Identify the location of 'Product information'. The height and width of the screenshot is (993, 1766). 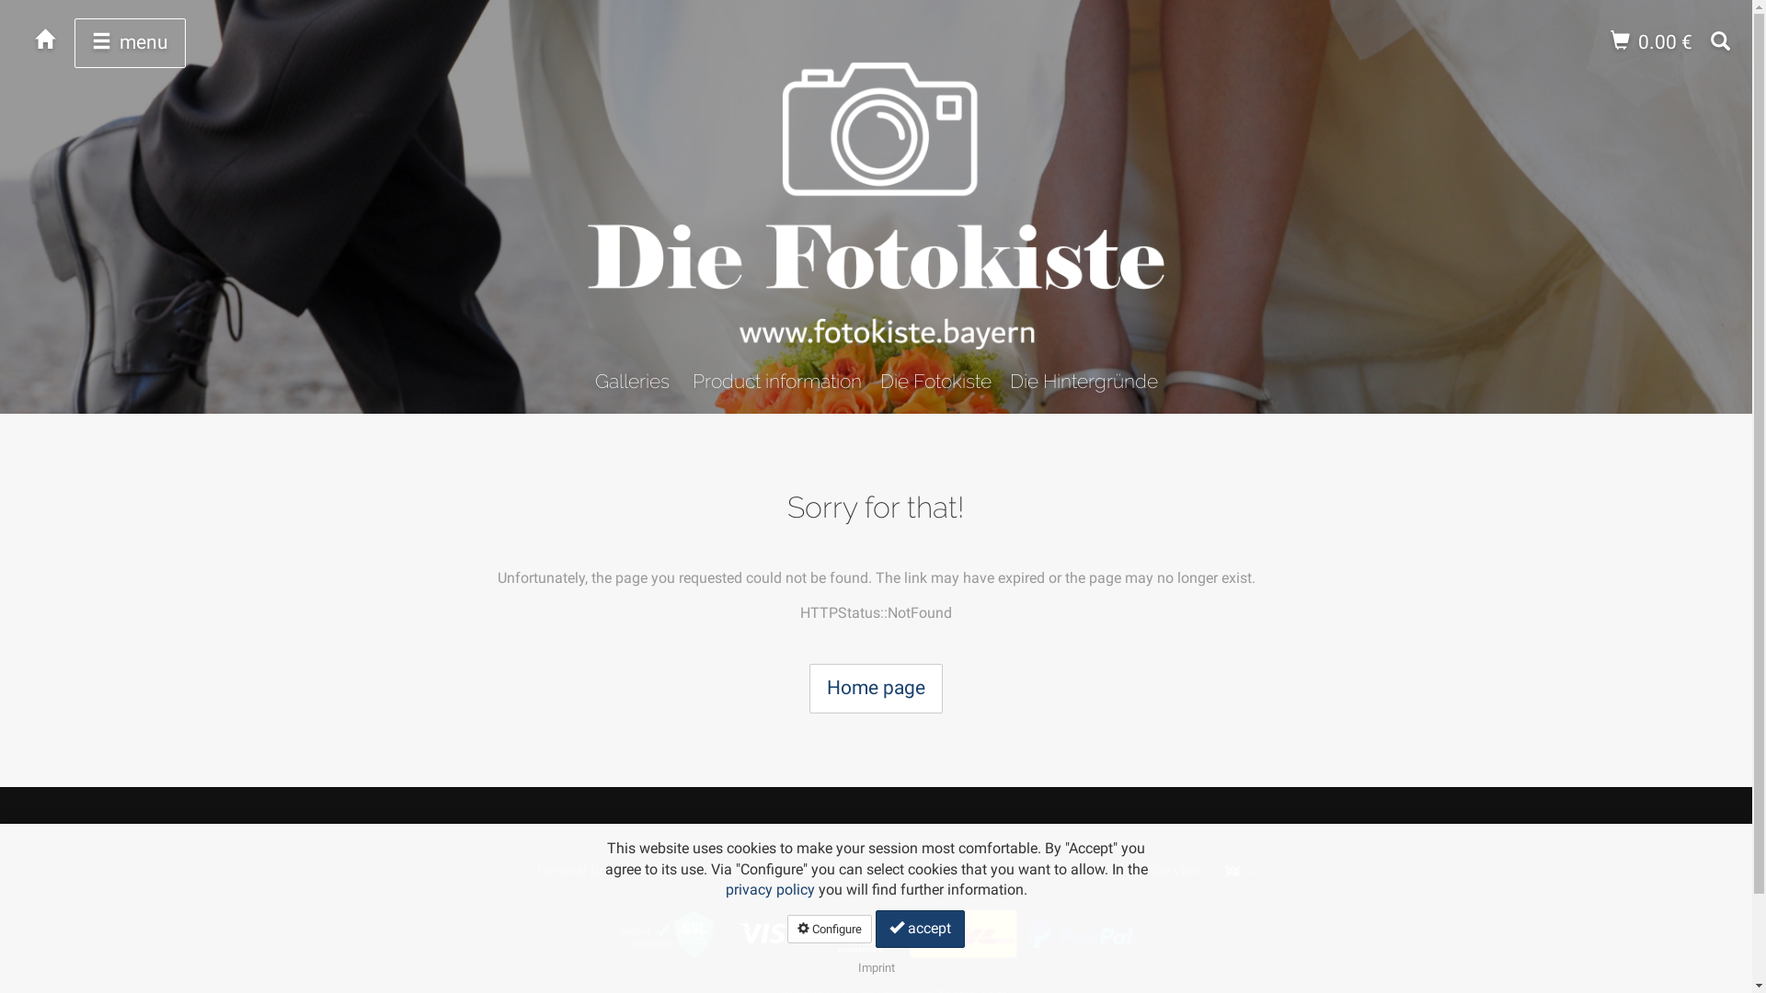
(776, 380).